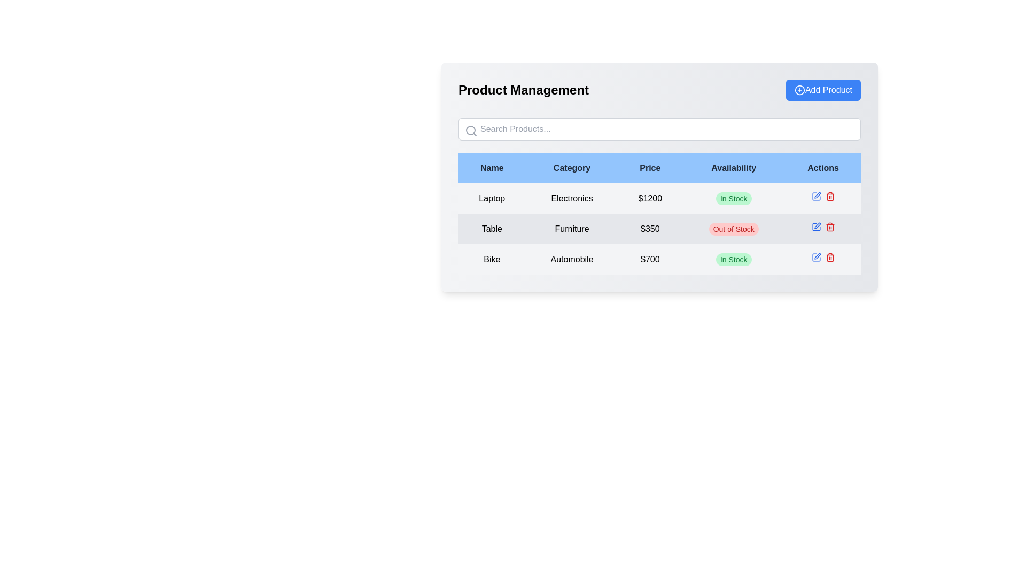 The width and height of the screenshot is (1026, 577). Describe the element at coordinates (471, 130) in the screenshot. I see `the magnifying glass icon located inside the search input field labeled 'Search Products...' to potentially trigger a search` at that location.